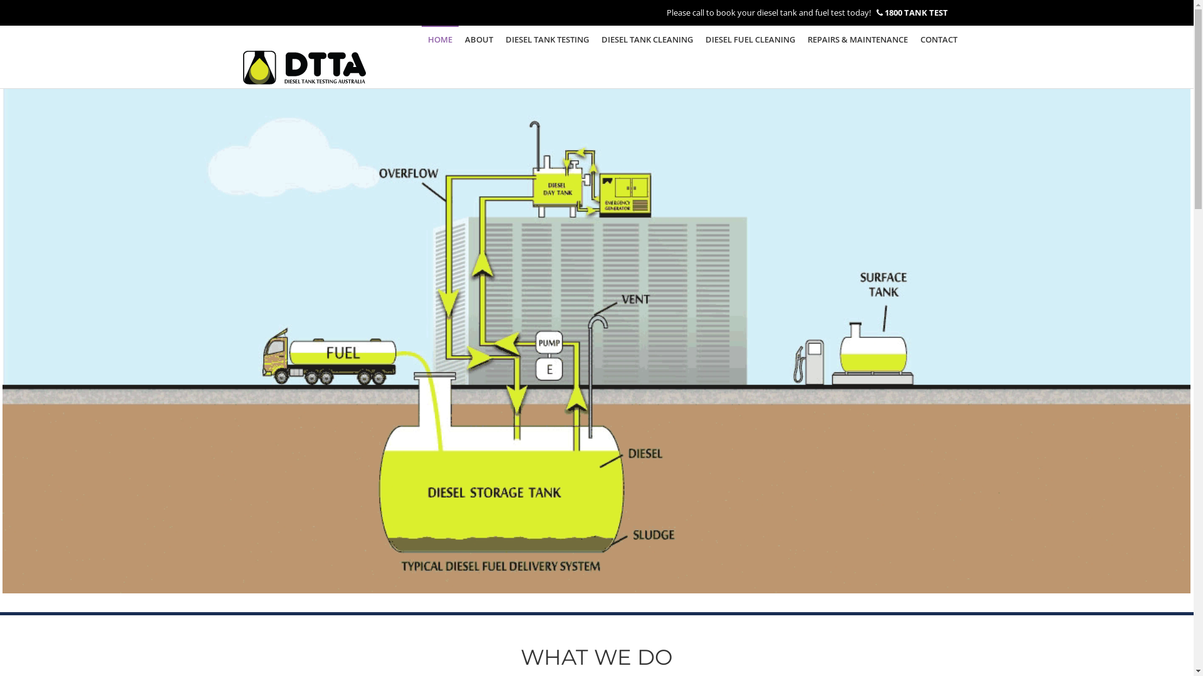 The image size is (1203, 676). Describe the element at coordinates (799, 38) in the screenshot. I see `'REPAIRS & MAINTENANCE'` at that location.